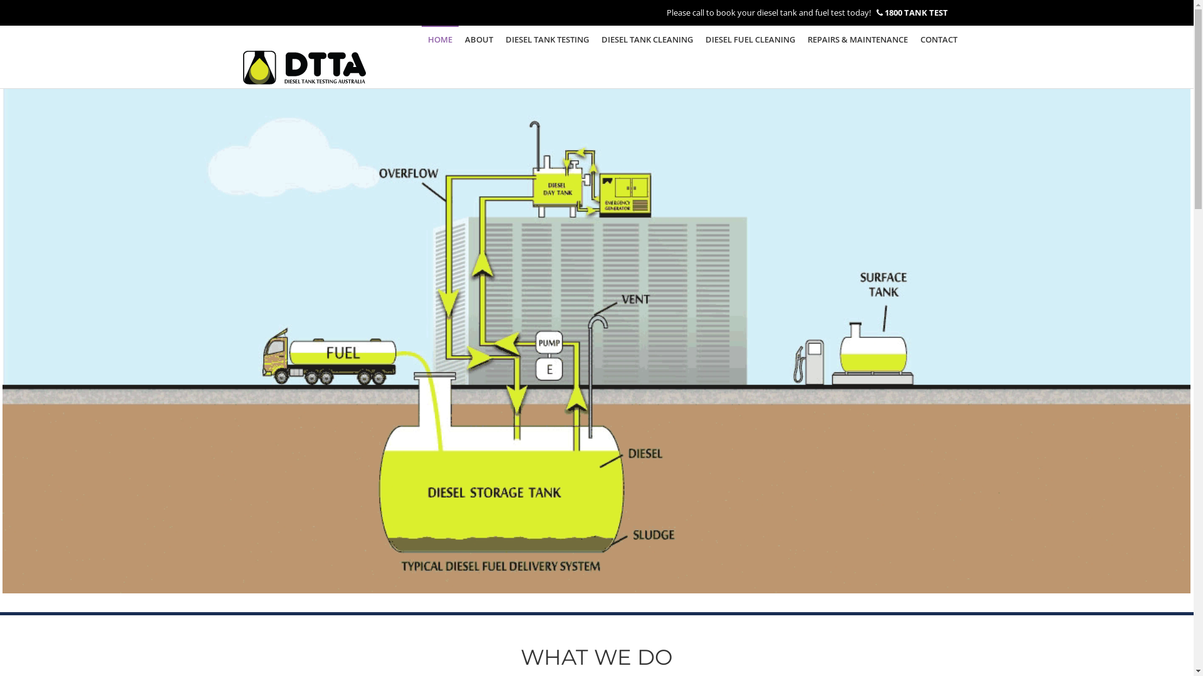 The image size is (1203, 676). Describe the element at coordinates (799, 38) in the screenshot. I see `'REPAIRS & MAINTENANCE'` at that location.